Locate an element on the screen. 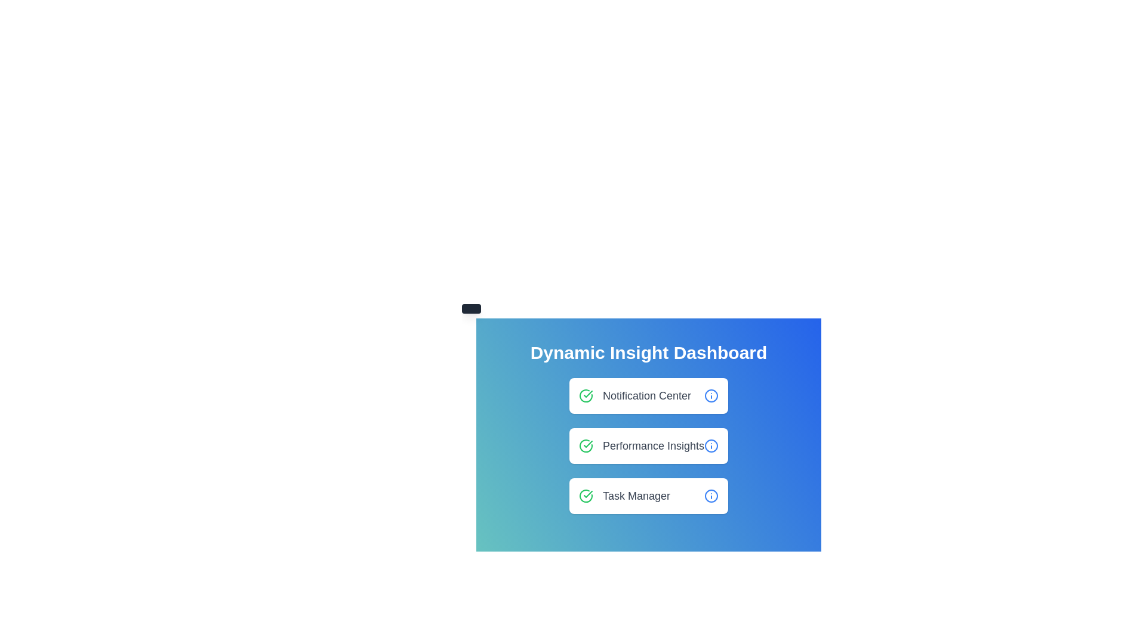 Image resolution: width=1146 pixels, height=644 pixels. the Information icon located to the right of the 'Task Manager' text is located at coordinates (711, 496).